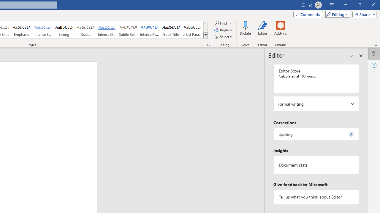  What do you see at coordinates (316, 165) in the screenshot?
I see `'Document statistics'` at bounding box center [316, 165].